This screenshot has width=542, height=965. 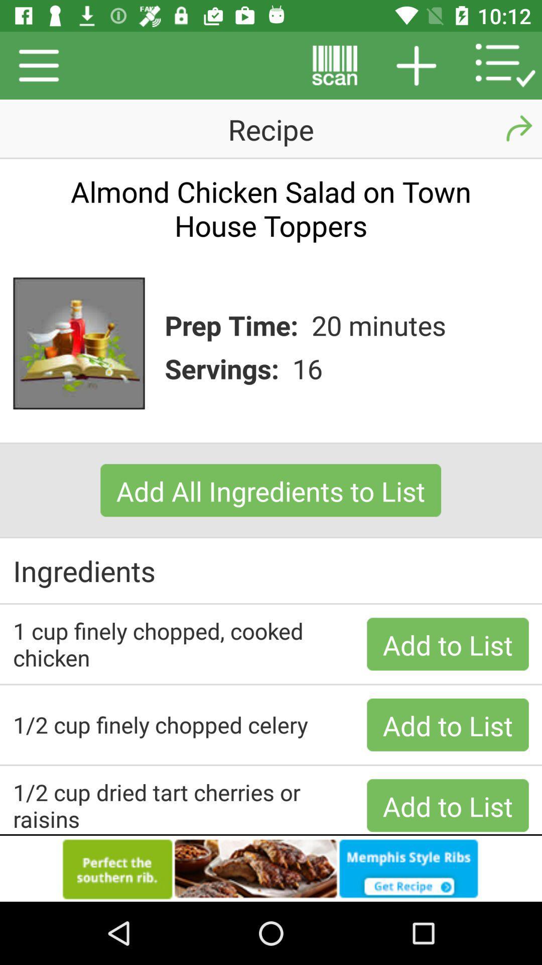 I want to click on the menu icon, so click(x=39, y=65).